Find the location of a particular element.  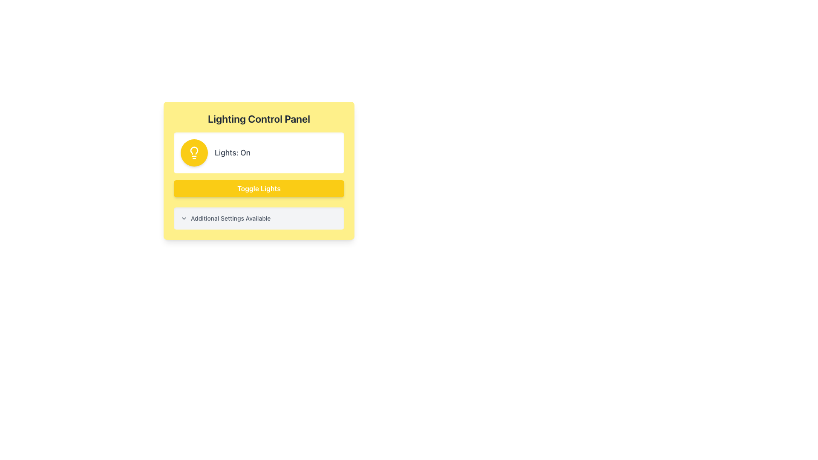

the 'Toggle Lights' button, which is a bright yellow rectangular button with white bold text, located in the 'Lighting Control Panel' is located at coordinates (259, 188).